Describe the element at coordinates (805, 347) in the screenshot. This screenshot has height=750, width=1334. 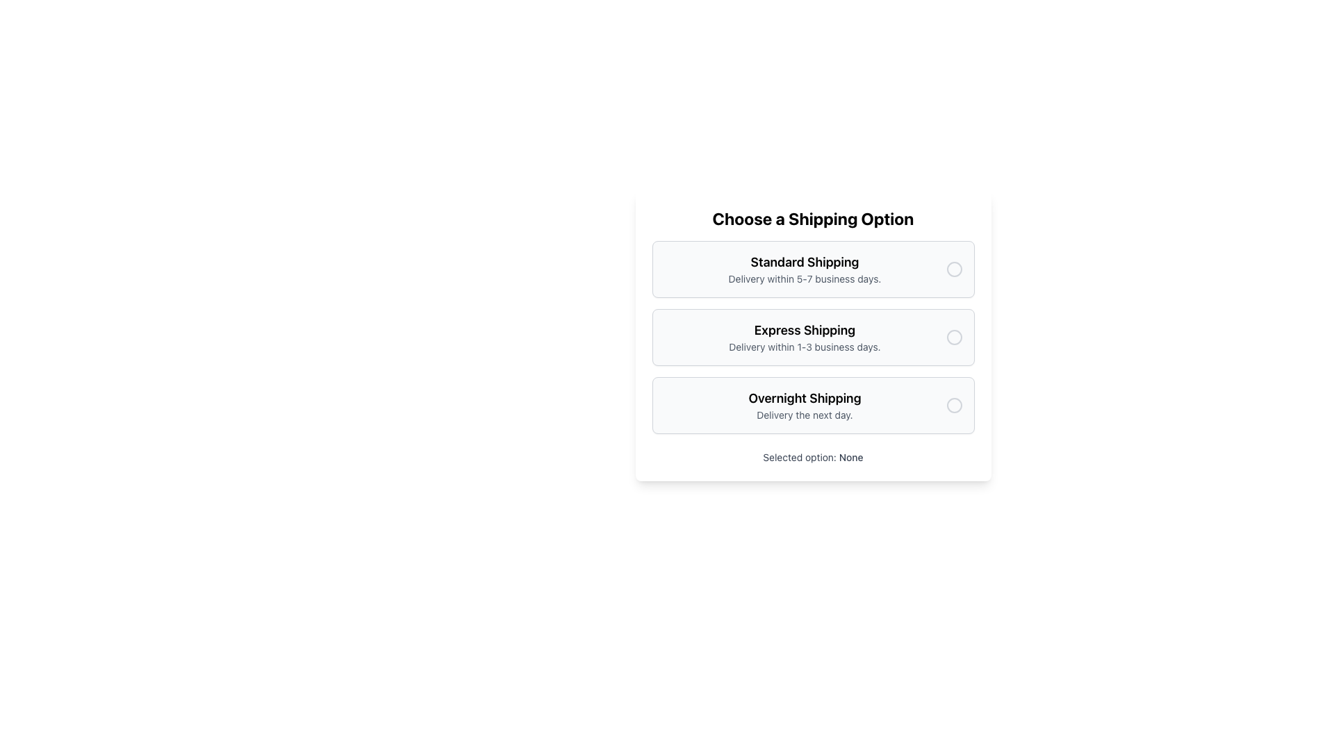
I see `the text label providing supplementary information about the 'Express Shipping' option, which is located directly below the 'Express Shipping' text` at that location.